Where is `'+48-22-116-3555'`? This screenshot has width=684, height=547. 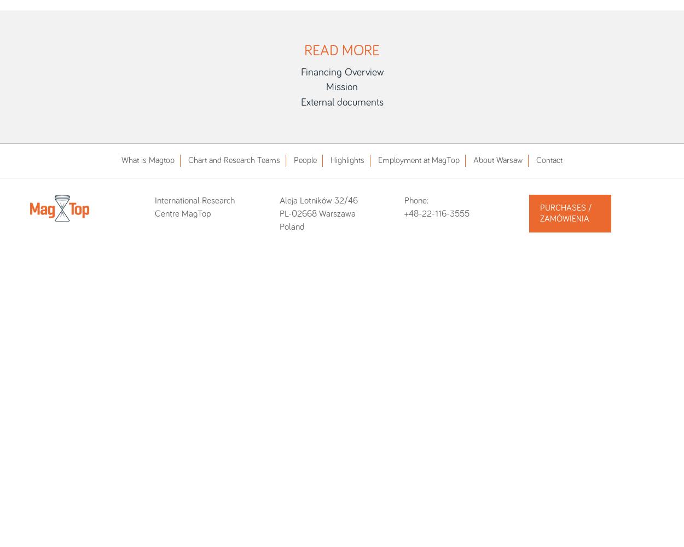
'+48-22-116-3555' is located at coordinates (437, 214).